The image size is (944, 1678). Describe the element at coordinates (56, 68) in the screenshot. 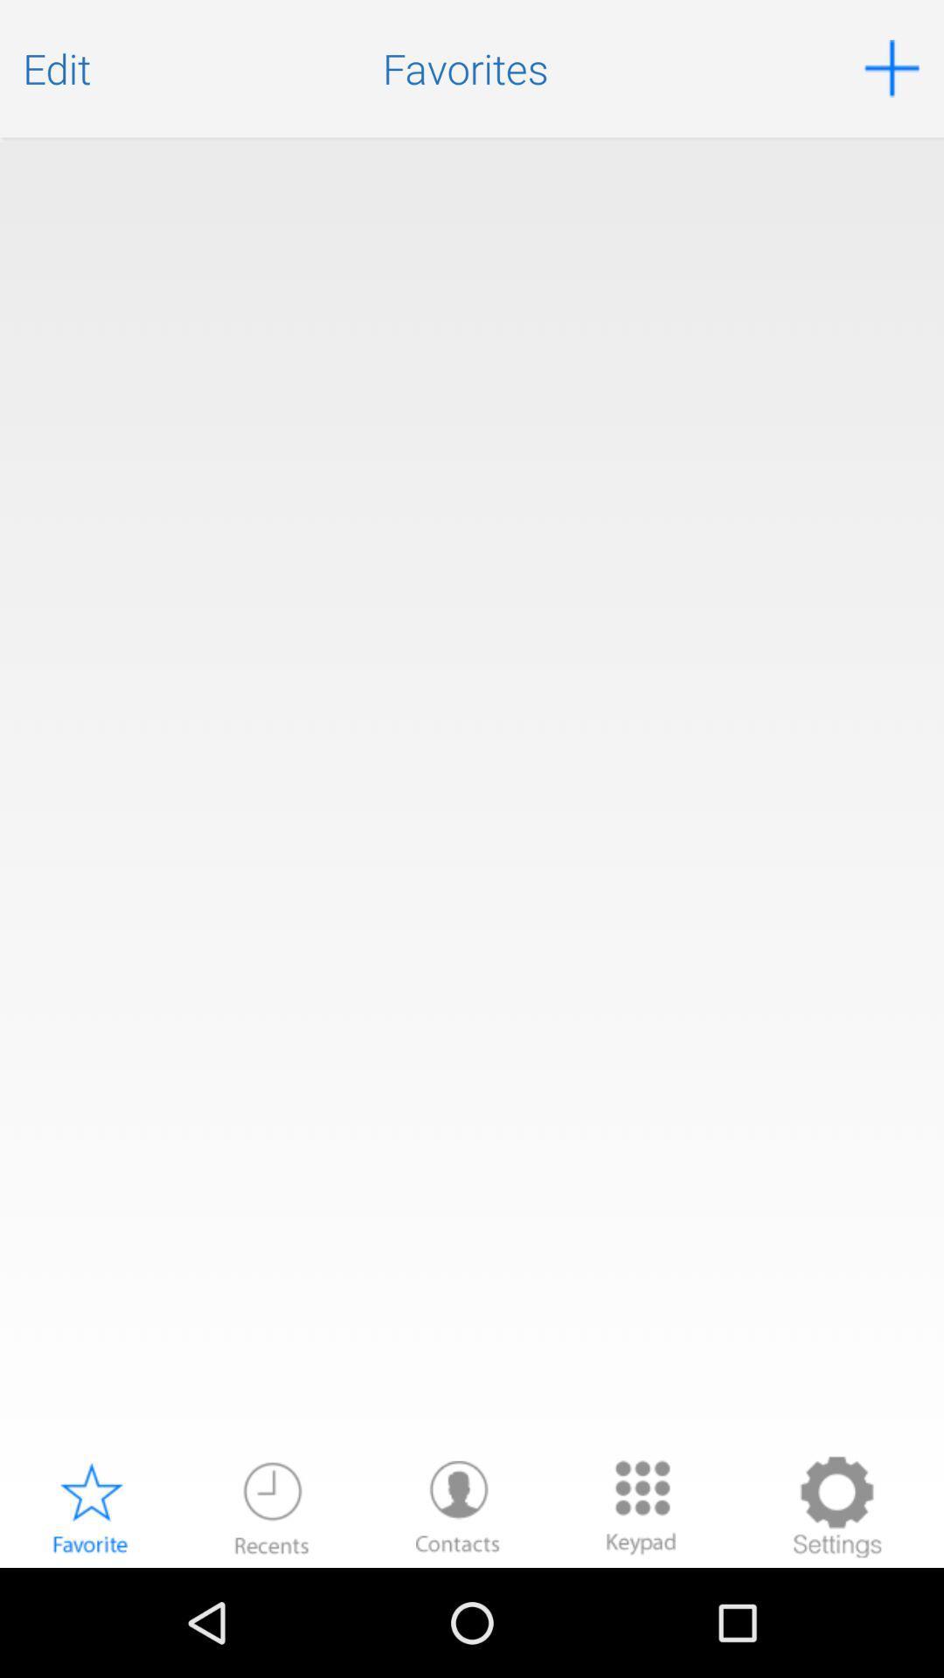

I see `the edit icon` at that location.